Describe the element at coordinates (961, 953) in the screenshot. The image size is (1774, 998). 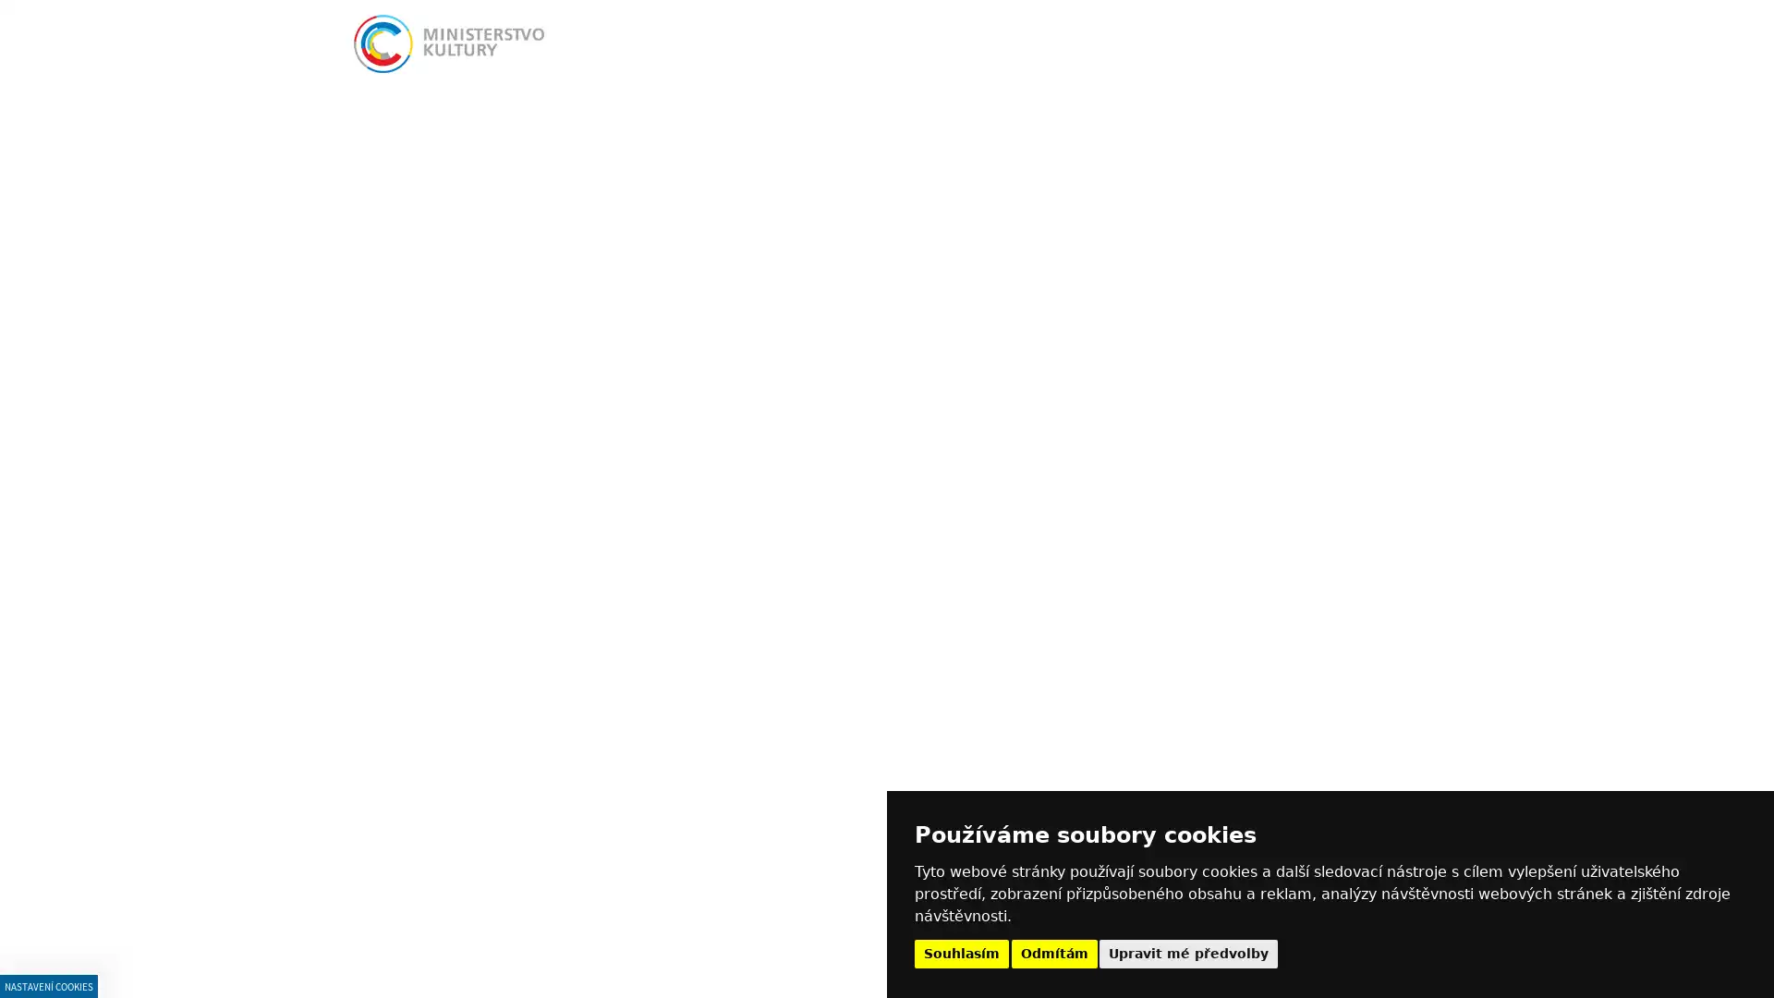
I see `Souhlasim` at that location.